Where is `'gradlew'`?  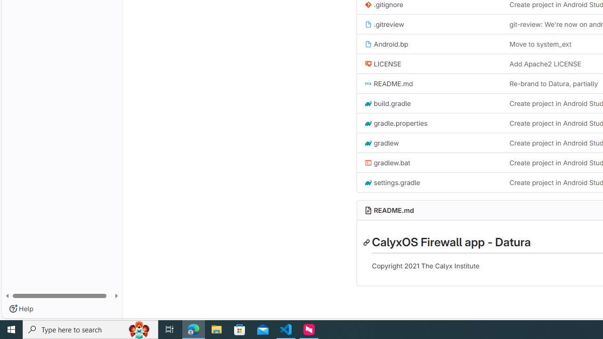 'gradlew' is located at coordinates (382, 143).